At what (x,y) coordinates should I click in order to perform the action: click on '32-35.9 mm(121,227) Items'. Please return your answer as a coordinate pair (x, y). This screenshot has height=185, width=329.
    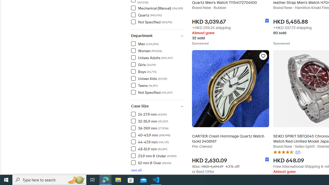
    Looking at the image, I should click on (158, 121).